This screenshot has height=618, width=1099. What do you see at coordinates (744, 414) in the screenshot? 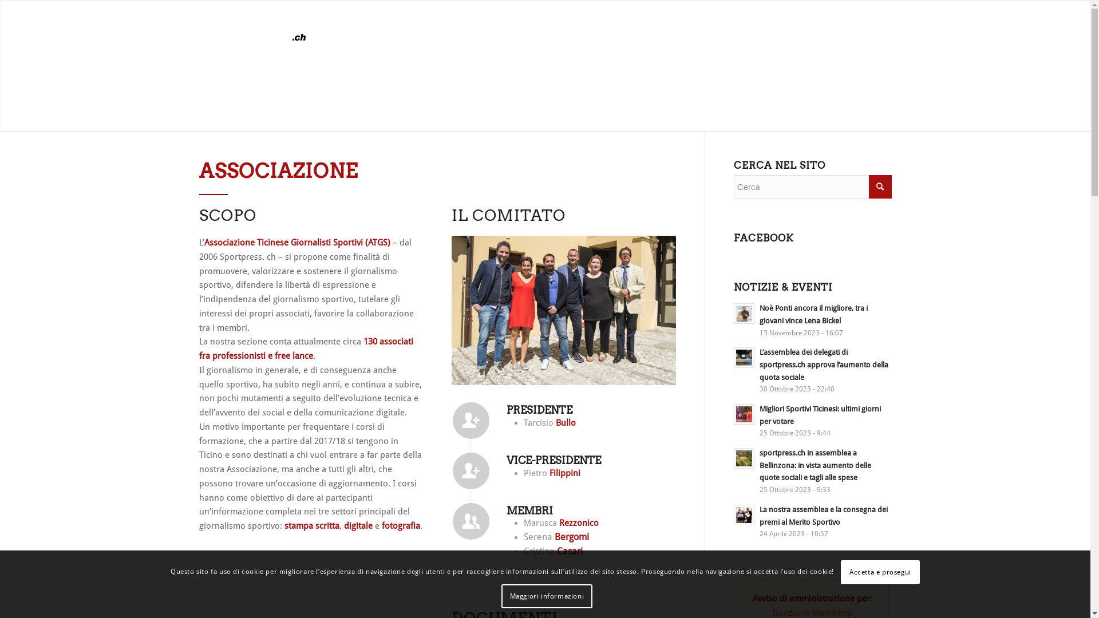
I see `'Leggi: Migliori Sportivi Ticinesi: ultimi giorni per votare'` at bounding box center [744, 414].